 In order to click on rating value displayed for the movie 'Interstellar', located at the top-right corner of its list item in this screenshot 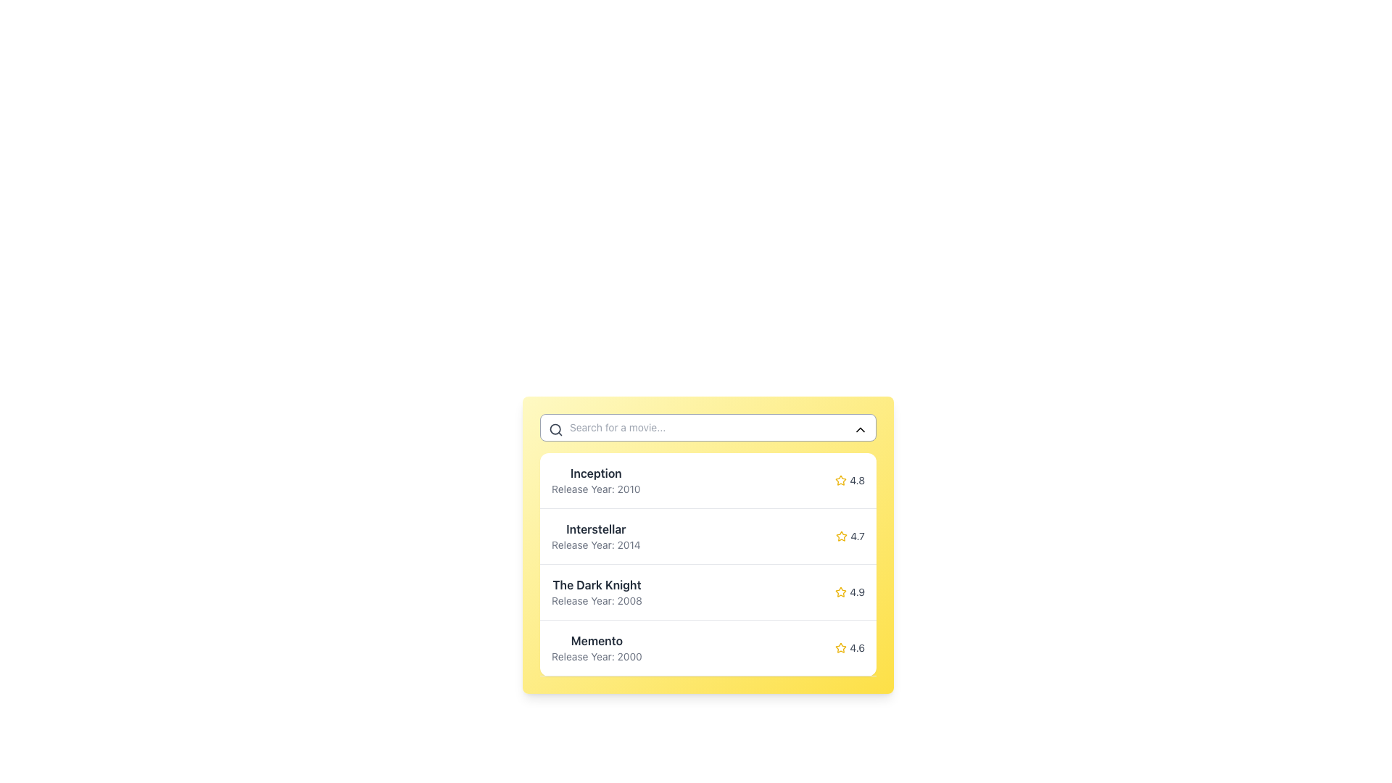, I will do `click(850, 536)`.